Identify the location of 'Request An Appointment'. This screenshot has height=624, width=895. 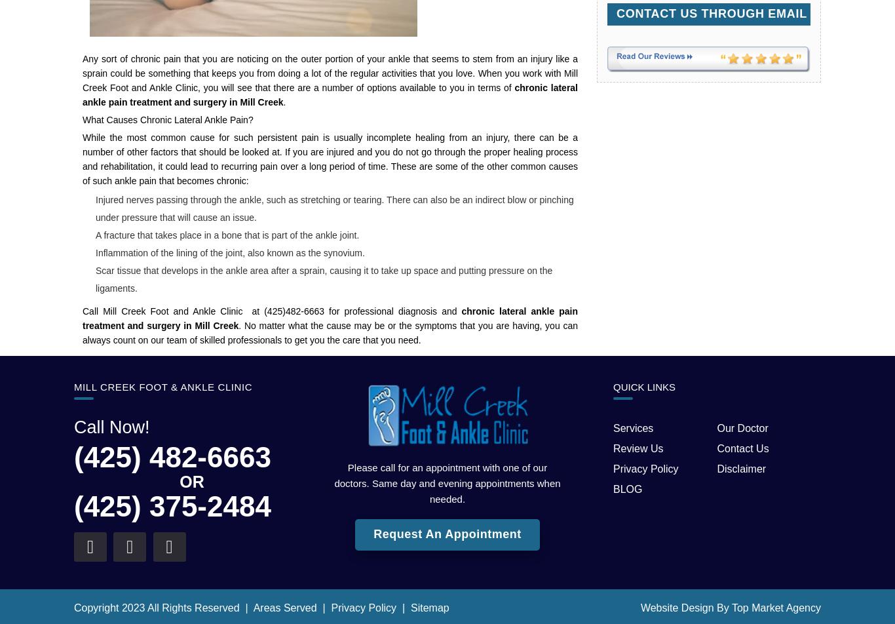
(446, 534).